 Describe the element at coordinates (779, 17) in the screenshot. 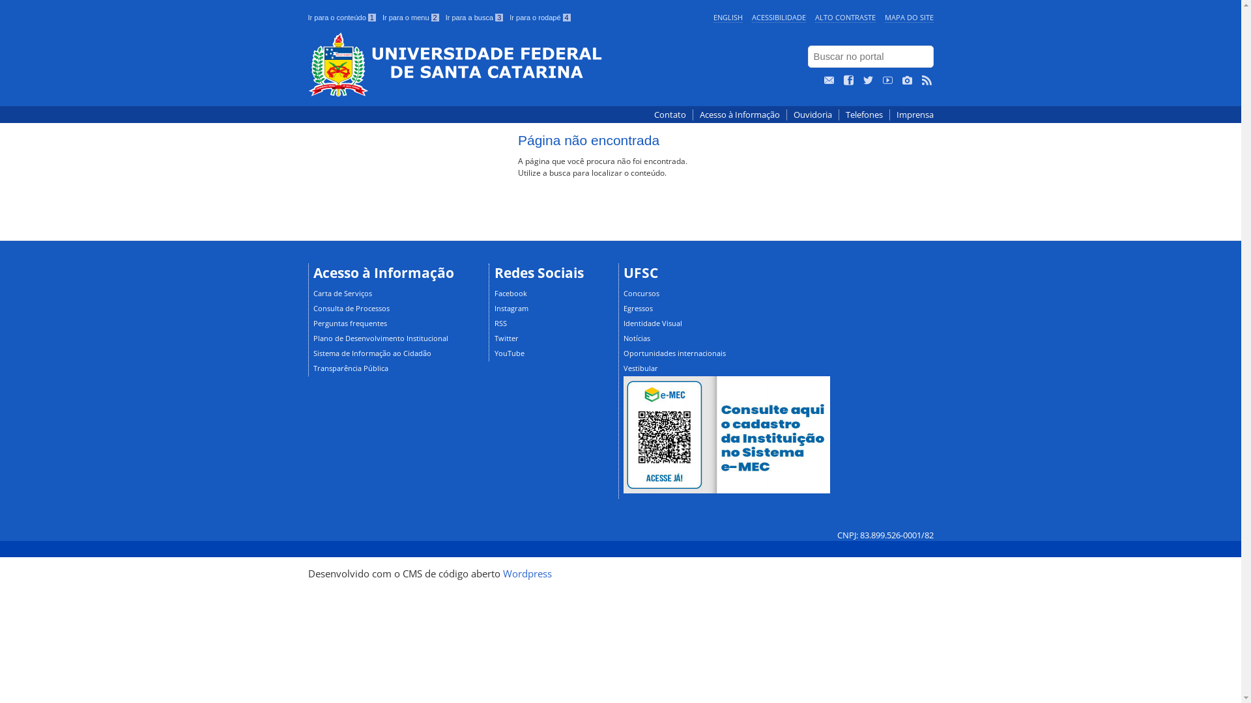

I see `'ACESSIBILIDADE'` at that location.